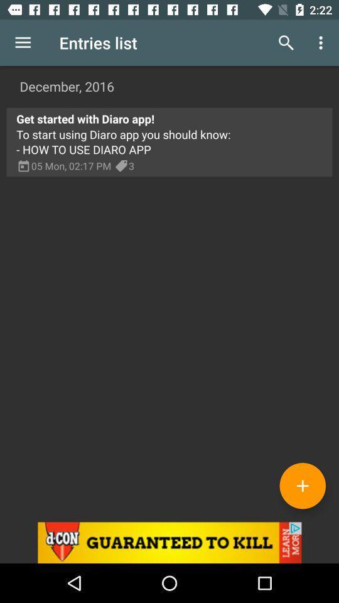 This screenshot has width=339, height=603. Describe the element at coordinates (302, 485) in the screenshot. I see `increase` at that location.